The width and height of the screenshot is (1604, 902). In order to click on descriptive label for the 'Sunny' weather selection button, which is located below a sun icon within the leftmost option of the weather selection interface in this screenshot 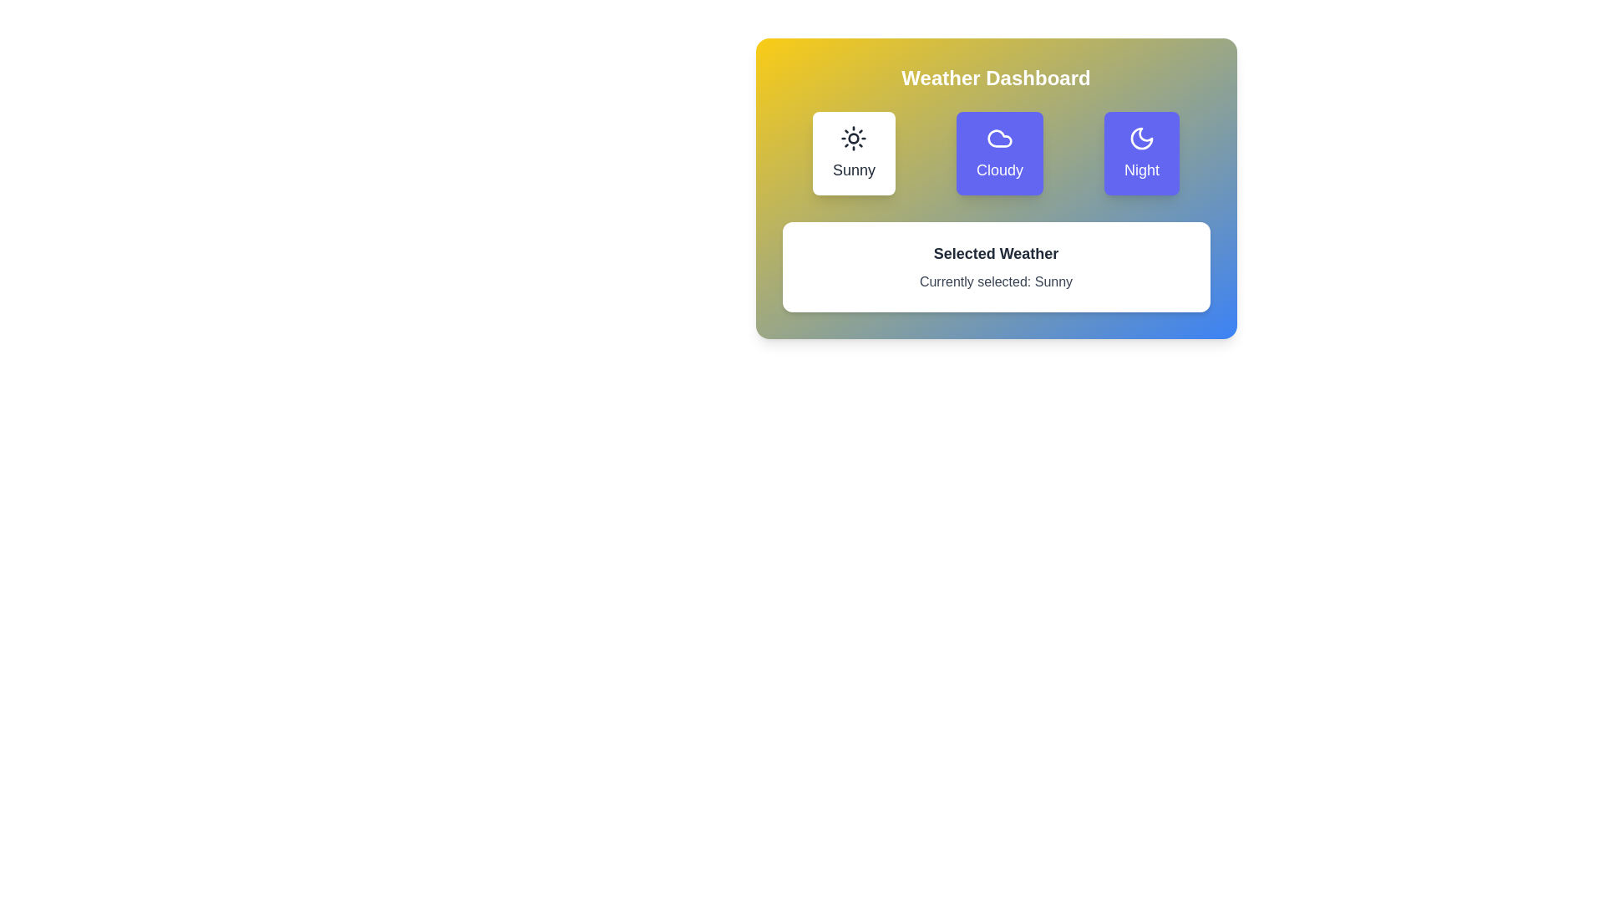, I will do `click(854, 170)`.